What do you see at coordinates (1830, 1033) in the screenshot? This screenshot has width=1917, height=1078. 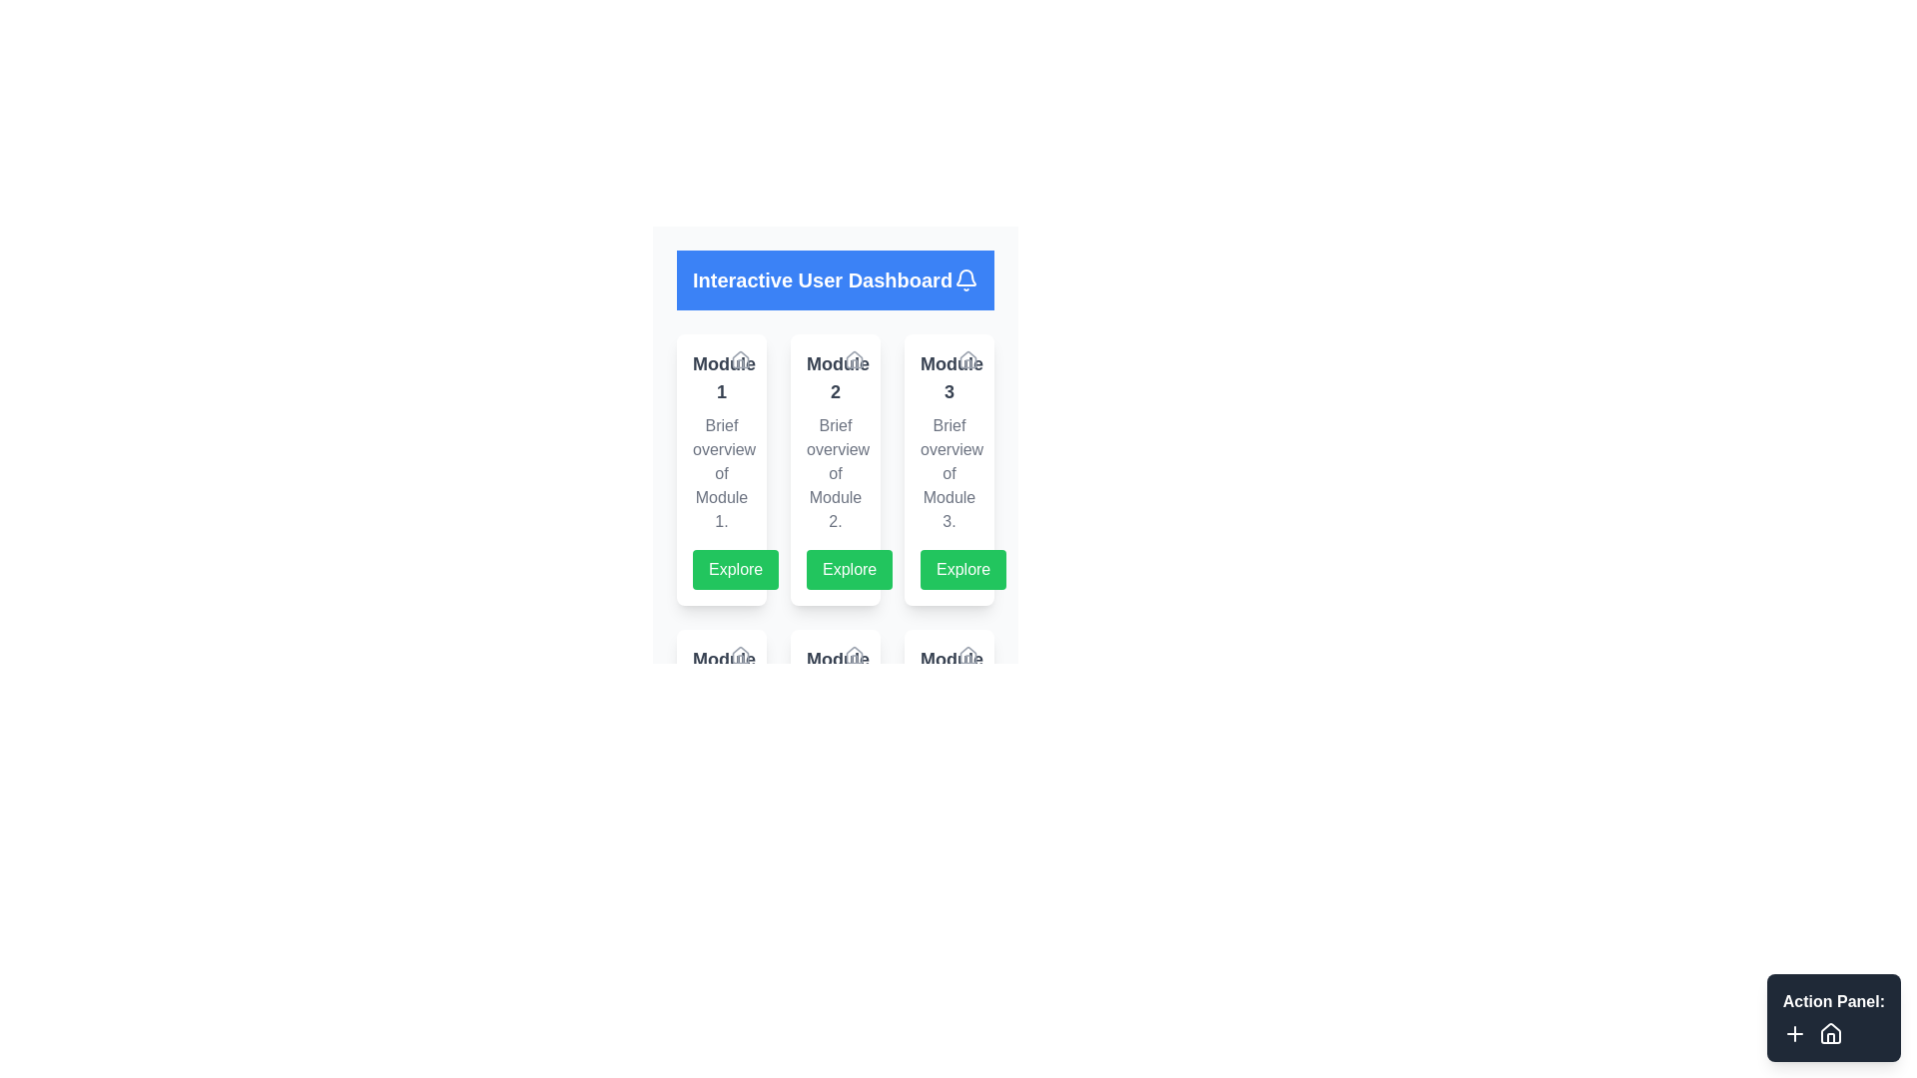 I see `the house icon, which is the second icon in the bottom-right Action Panel` at bounding box center [1830, 1033].